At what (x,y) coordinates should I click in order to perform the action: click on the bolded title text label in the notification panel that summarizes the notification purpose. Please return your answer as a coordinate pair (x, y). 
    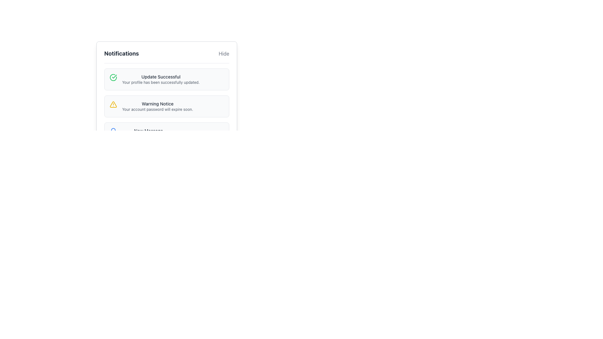
    Looking at the image, I should click on (148, 130).